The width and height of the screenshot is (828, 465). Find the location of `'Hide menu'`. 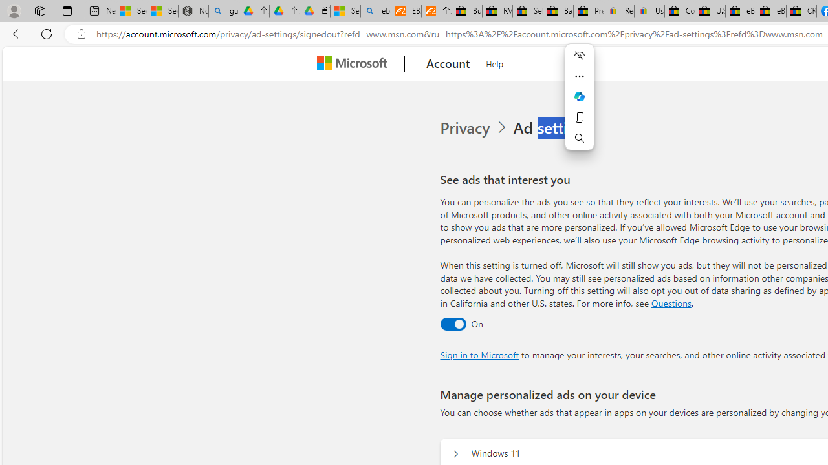

'Hide menu' is located at coordinates (579, 55).